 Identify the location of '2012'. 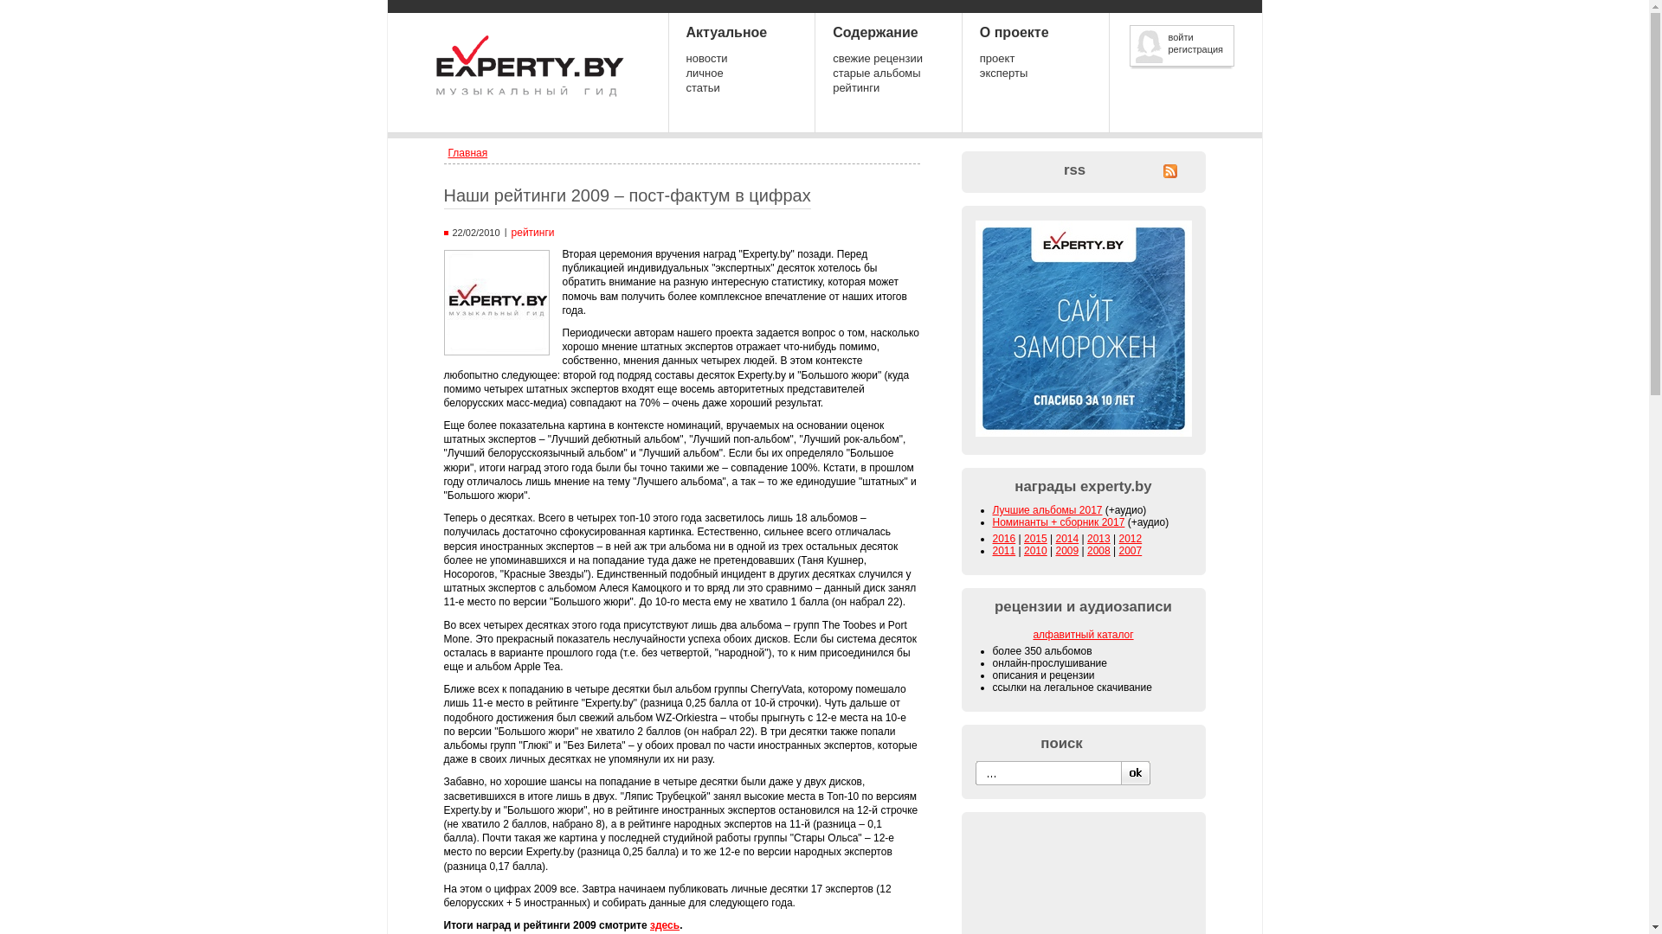
(1130, 538).